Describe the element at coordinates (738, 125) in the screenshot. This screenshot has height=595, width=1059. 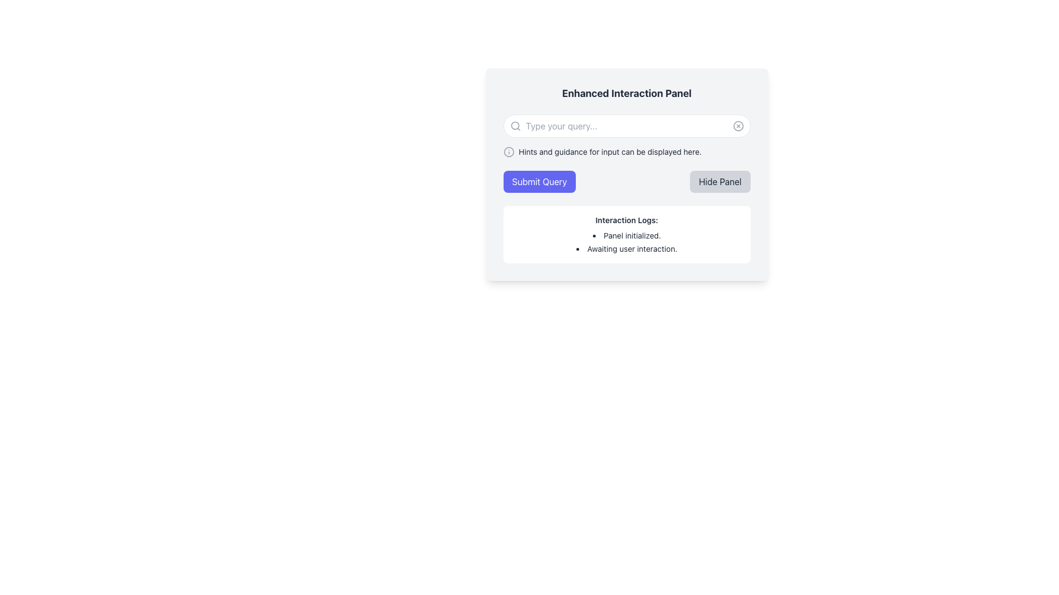
I see `the SVG circle component that functions as a close button located at the top-right corner of the input box` at that location.